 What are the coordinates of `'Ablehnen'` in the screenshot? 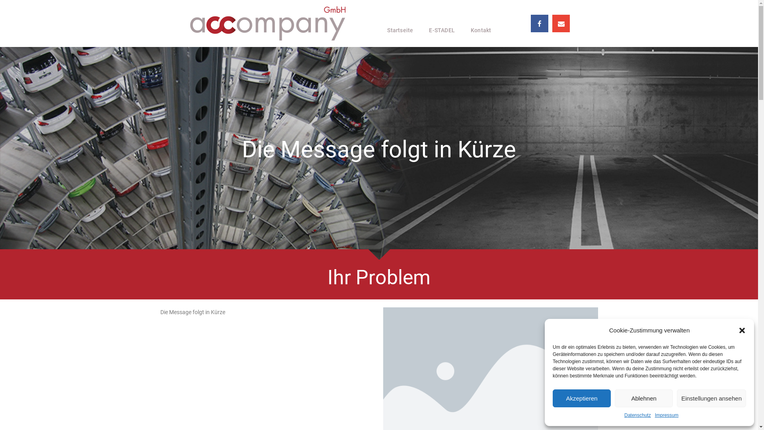 It's located at (643, 398).